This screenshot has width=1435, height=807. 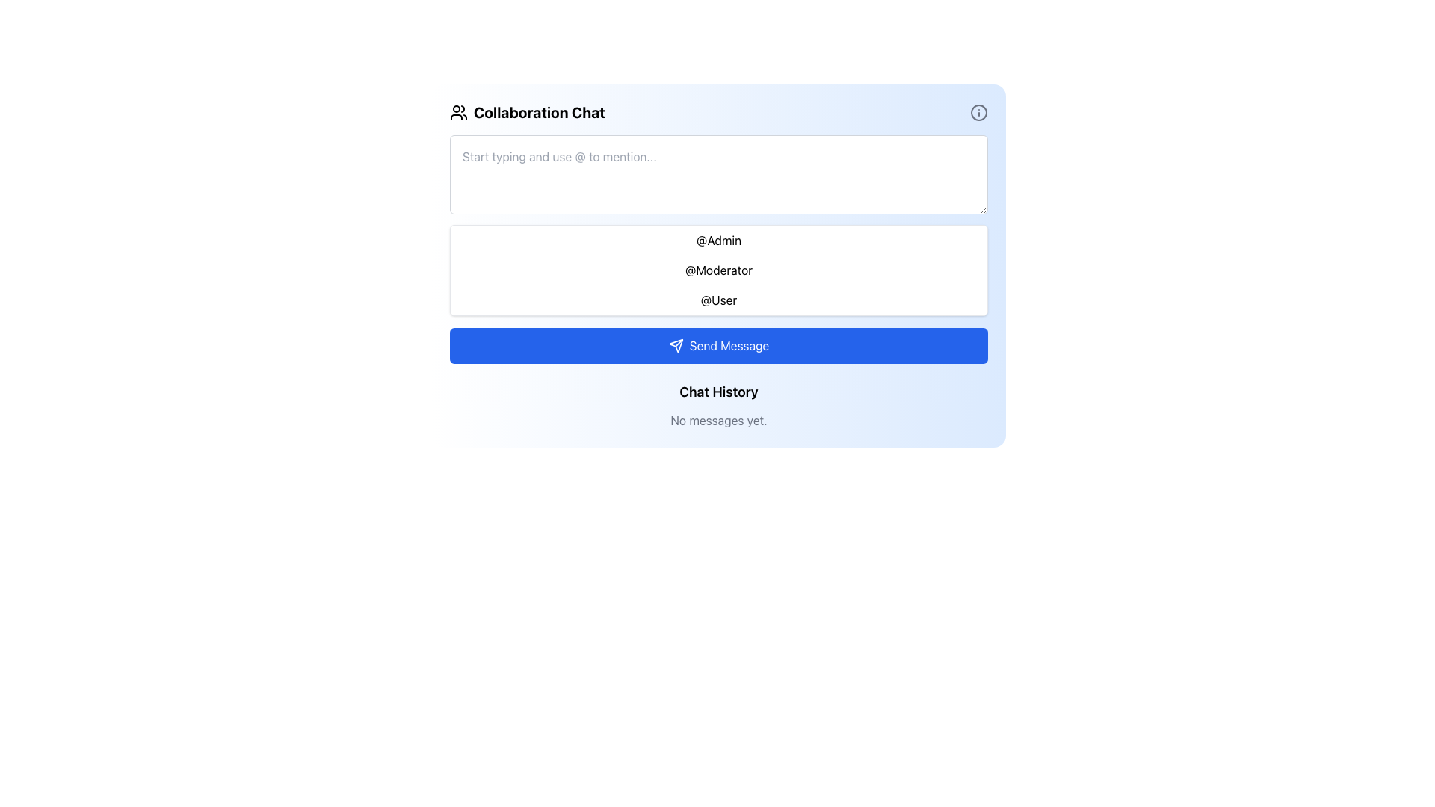 What do you see at coordinates (979, 111) in the screenshot?
I see `the Informational icon located in the top-right corner of the 'Collaboration Chat' header` at bounding box center [979, 111].